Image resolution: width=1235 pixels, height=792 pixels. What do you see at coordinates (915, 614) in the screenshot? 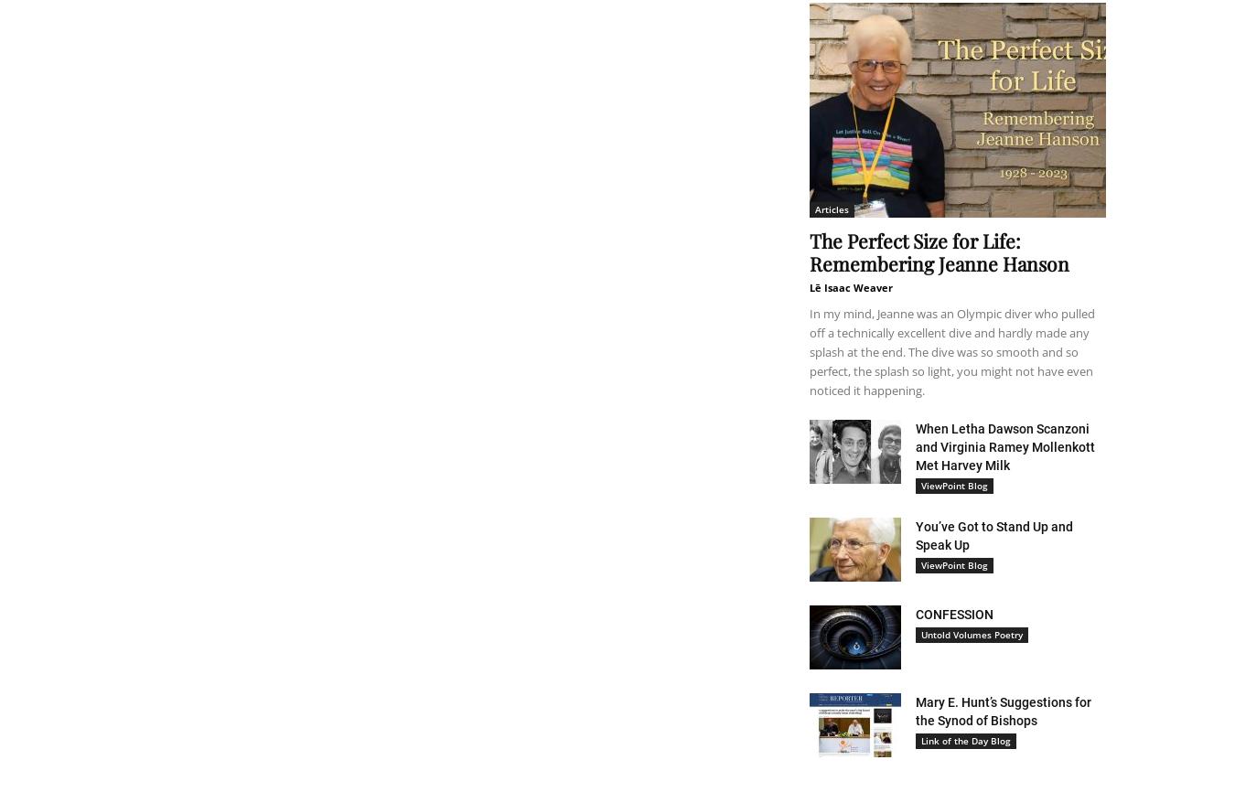
I see `'CONFESSION'` at bounding box center [915, 614].